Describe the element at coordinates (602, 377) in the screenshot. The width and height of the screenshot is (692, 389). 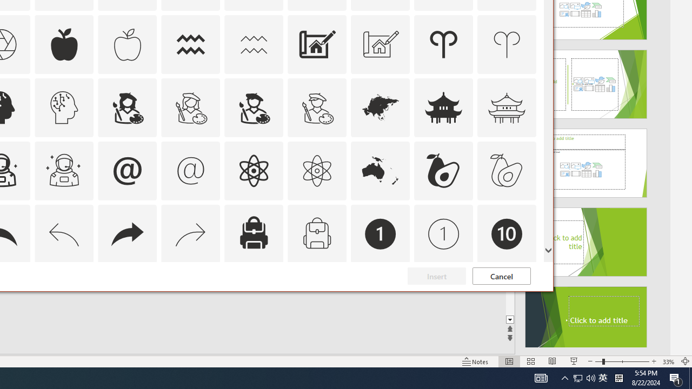
I see `'IME Mode Icon - IME is disabled'` at that location.